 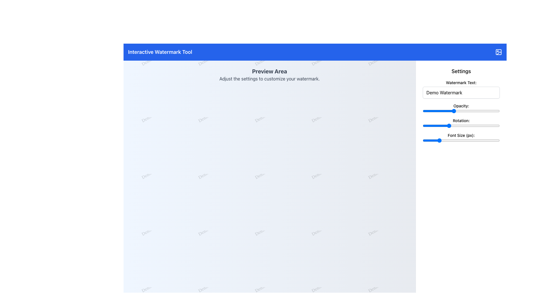 What do you see at coordinates (461, 92) in the screenshot?
I see `the text input box for the watermark, located directly below the label 'Watermark Text:'` at bounding box center [461, 92].